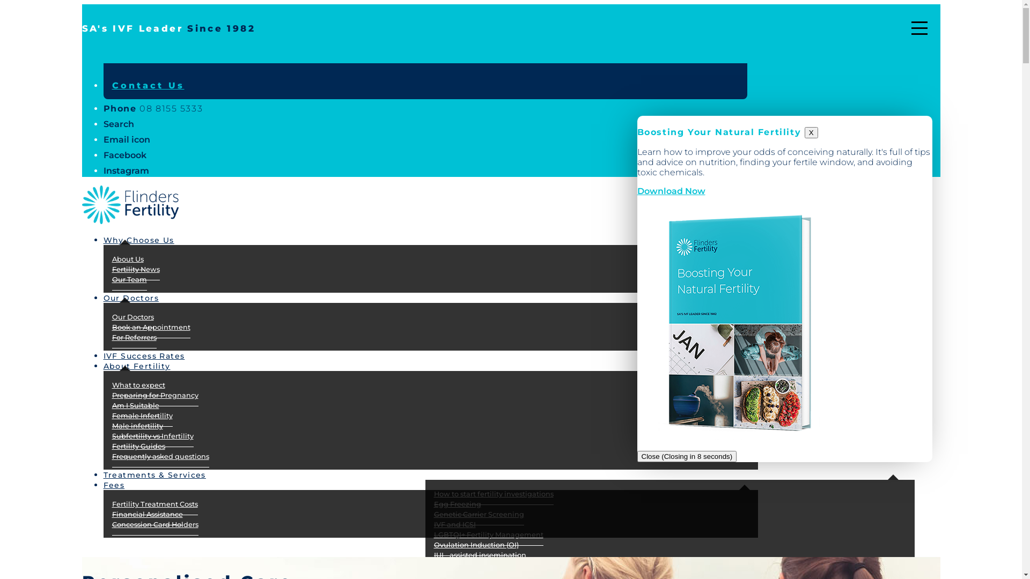 The image size is (1030, 579). What do you see at coordinates (687, 456) in the screenshot?
I see `'Close (Closing in 8 seconds)'` at bounding box center [687, 456].